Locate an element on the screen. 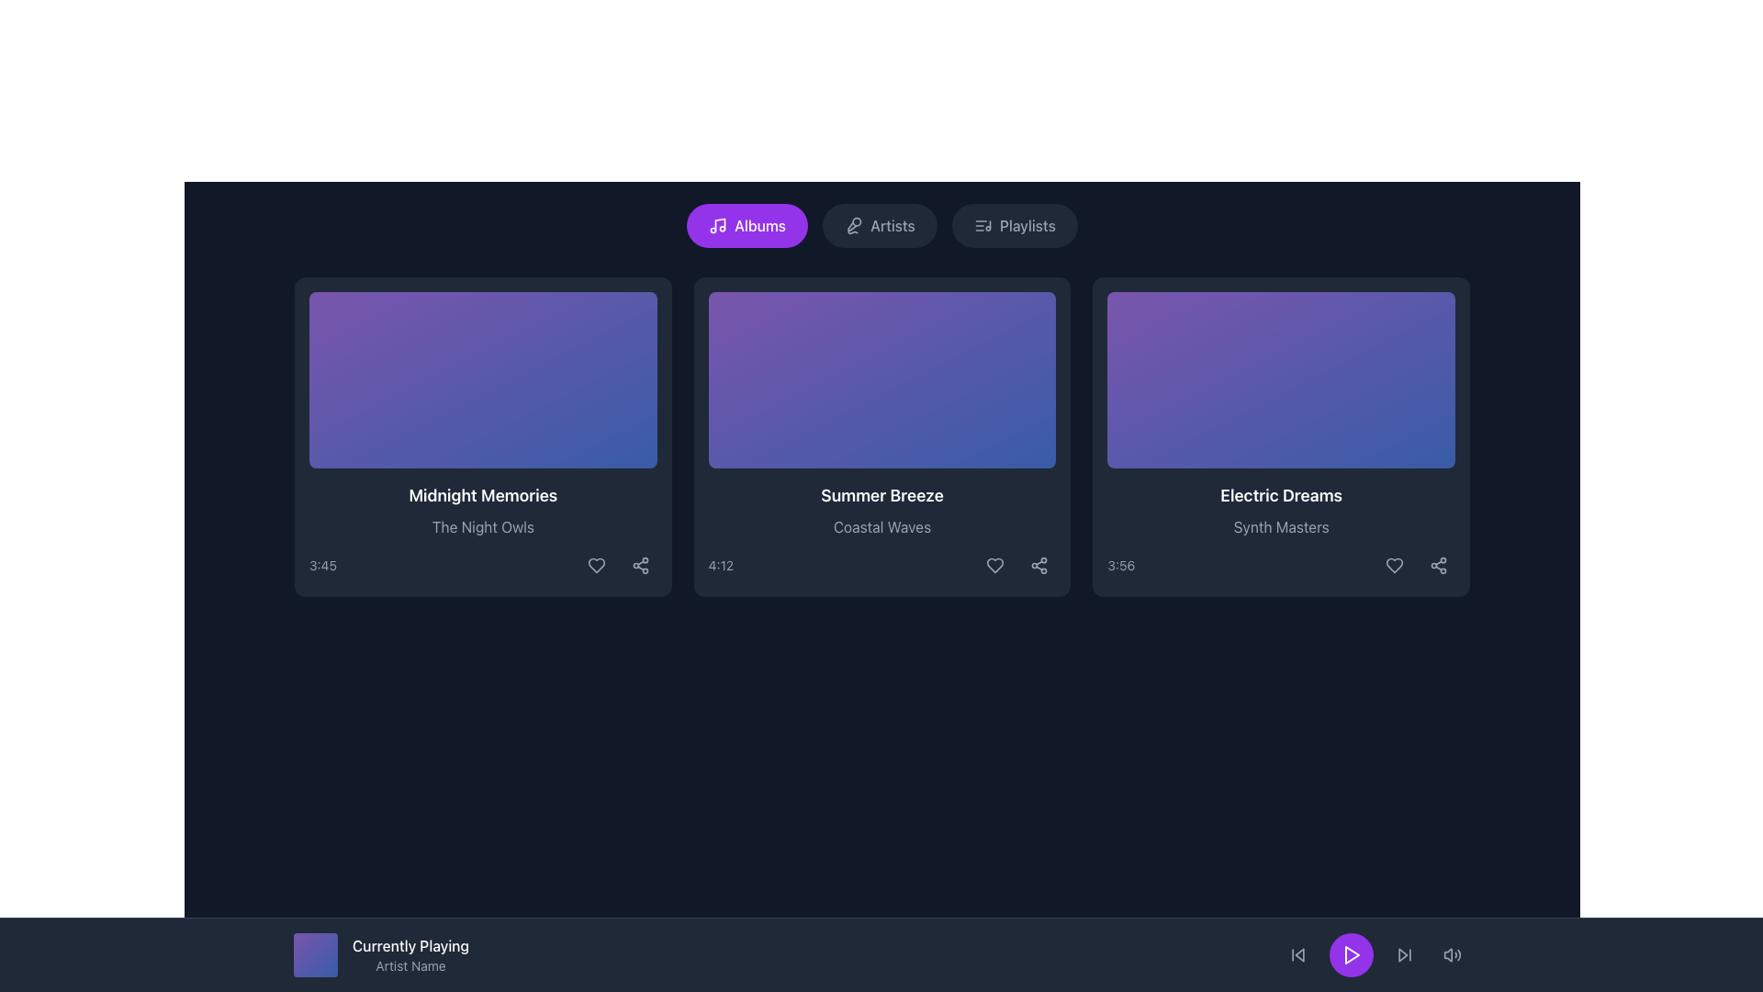 This screenshot has height=992, width=1763. the second button in the group of three buttons that navigates to artist-related information is located at coordinates (879, 225).